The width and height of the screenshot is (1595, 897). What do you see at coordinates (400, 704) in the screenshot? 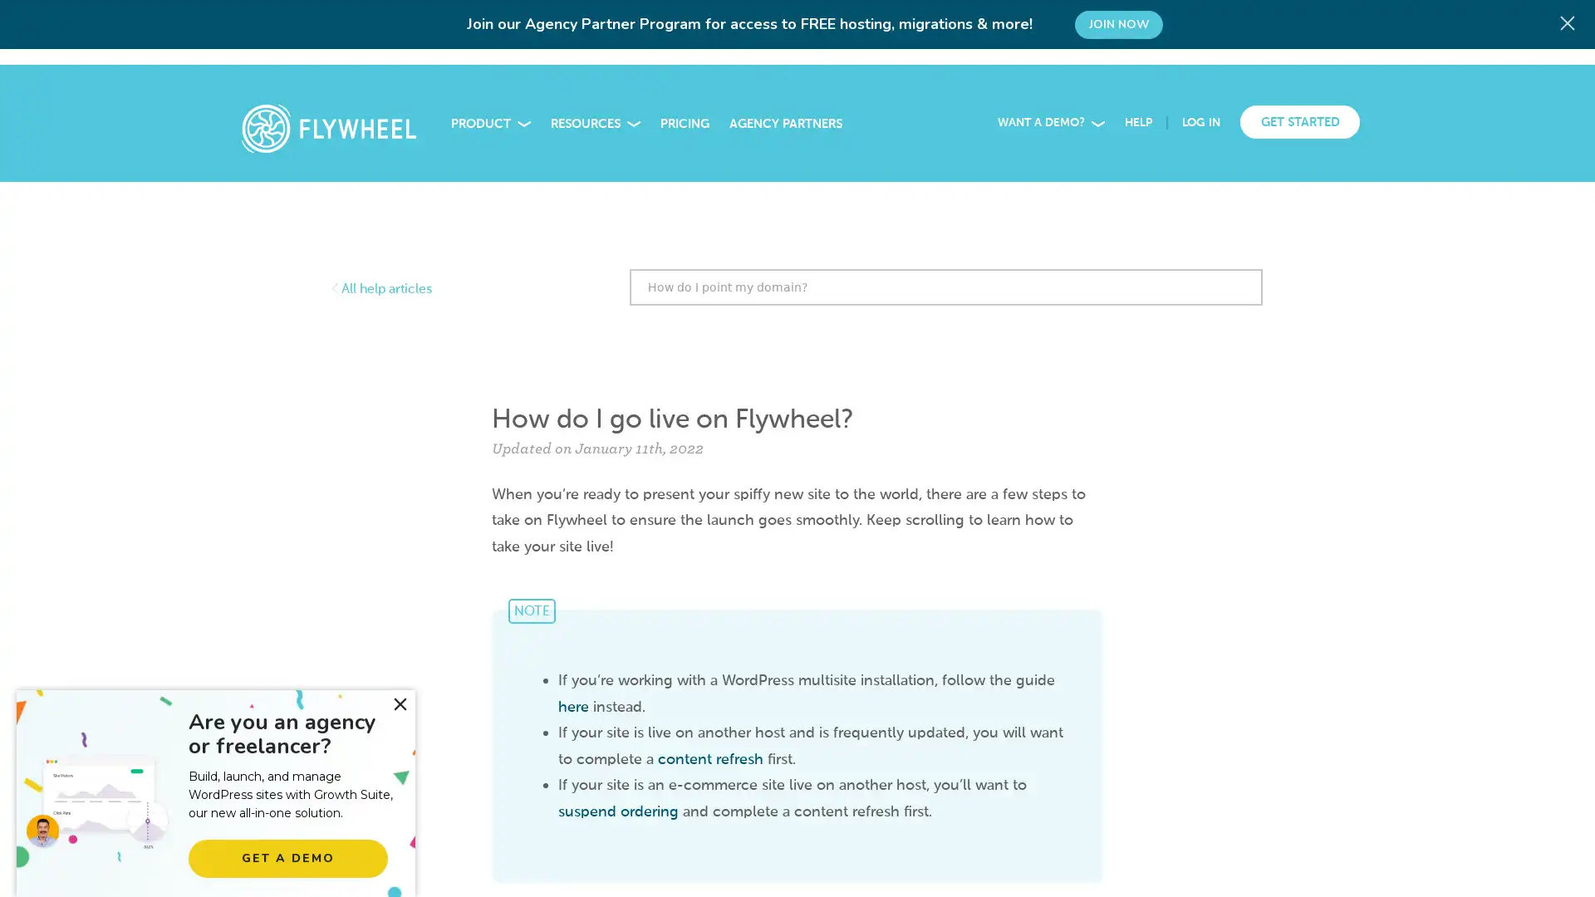
I see `Close` at bounding box center [400, 704].